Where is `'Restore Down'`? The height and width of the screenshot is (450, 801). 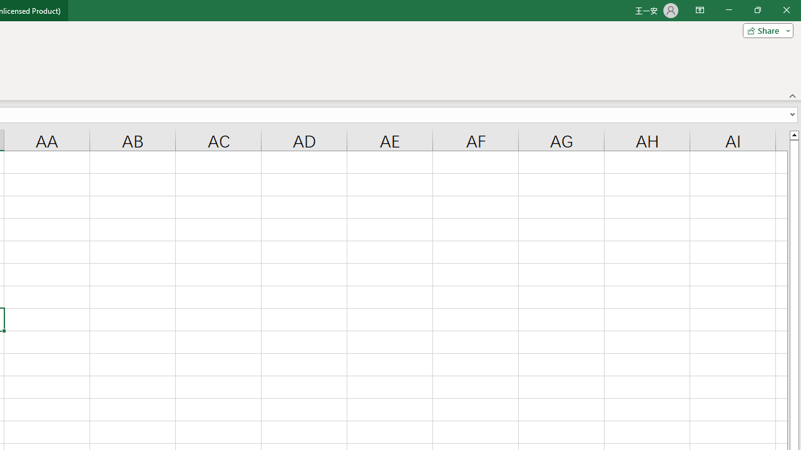 'Restore Down' is located at coordinates (757, 10).